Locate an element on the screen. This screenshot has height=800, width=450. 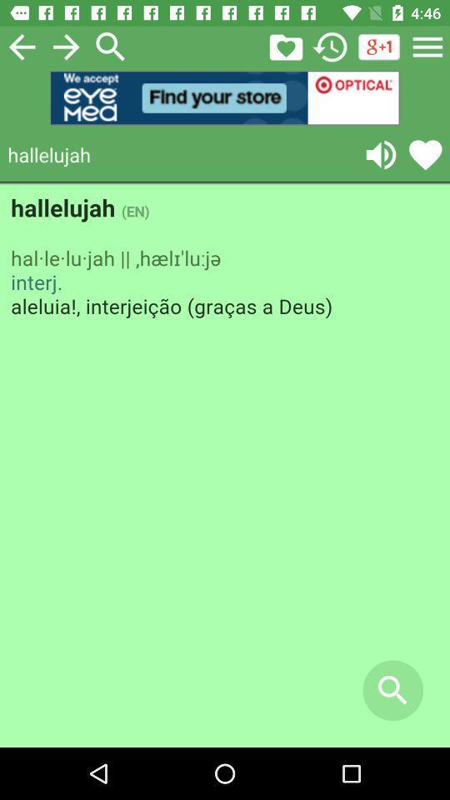
speaker option is located at coordinates (381, 154).